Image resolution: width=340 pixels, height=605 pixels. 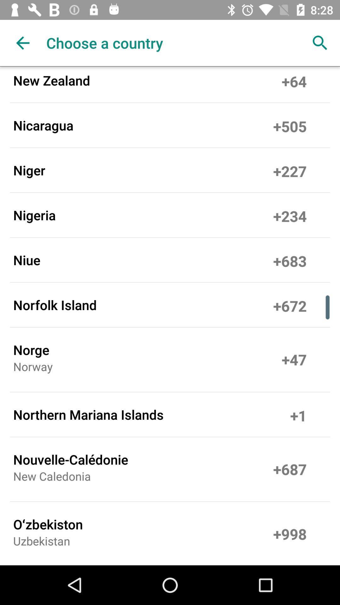 What do you see at coordinates (52, 478) in the screenshot?
I see `icon next to the +687 item` at bounding box center [52, 478].